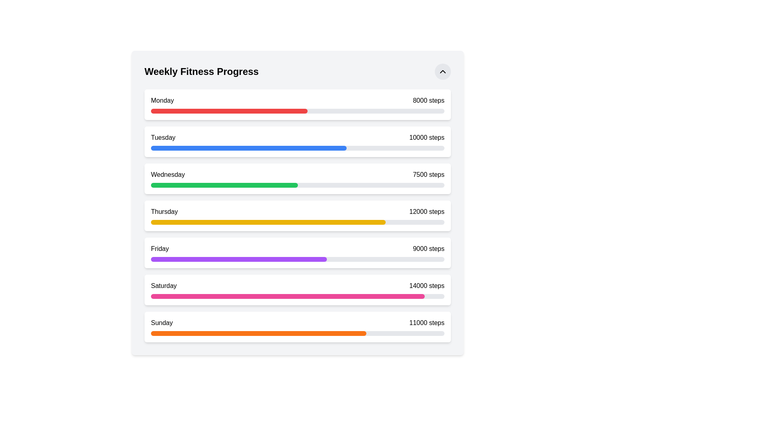 This screenshot has width=773, height=435. Describe the element at coordinates (224, 185) in the screenshot. I see `the progress bar representing 50% progress for 'Wednesday' in the weekly progress tracking interface` at that location.